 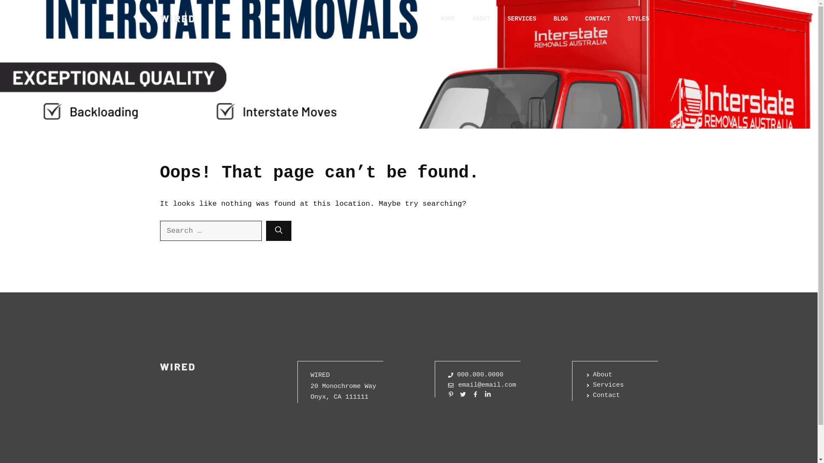 What do you see at coordinates (521, 18) in the screenshot?
I see `'SERVICES'` at bounding box center [521, 18].